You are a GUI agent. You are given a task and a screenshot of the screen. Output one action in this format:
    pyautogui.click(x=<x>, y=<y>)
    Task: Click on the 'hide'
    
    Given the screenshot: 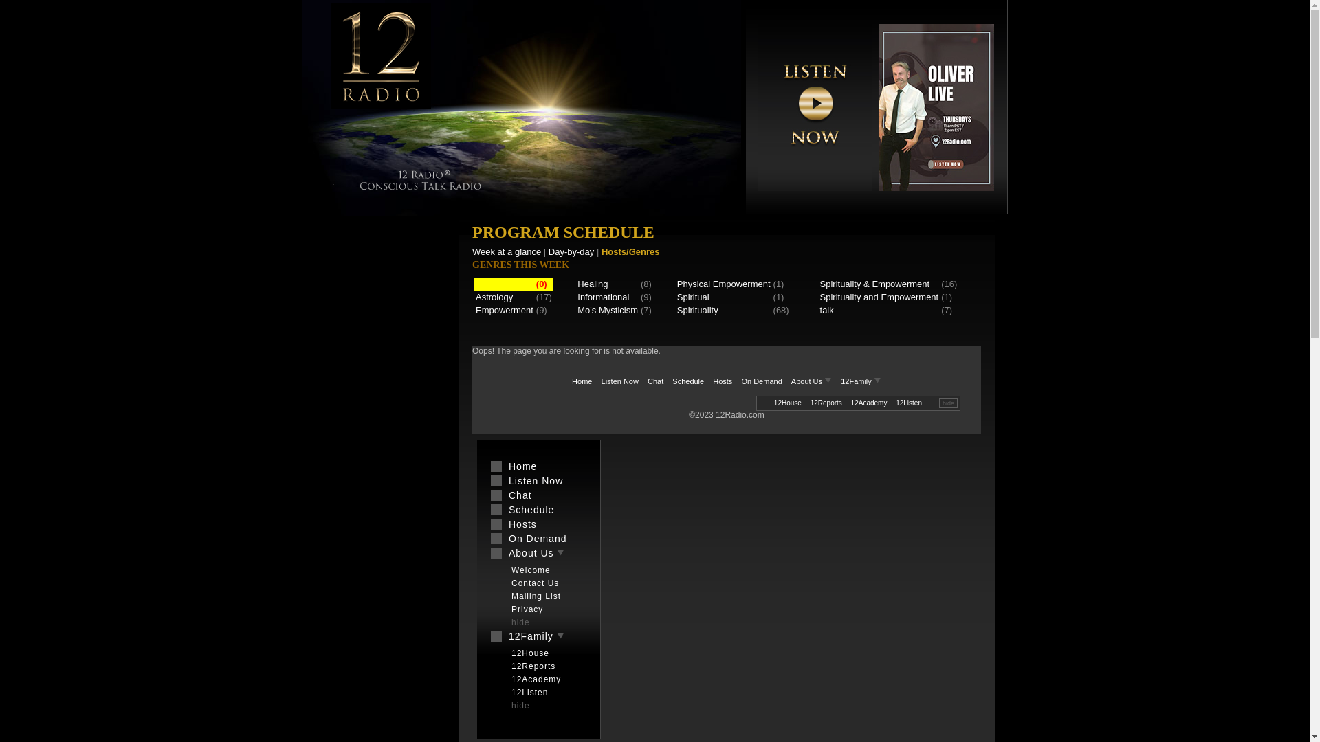 What is the action you would take?
    pyautogui.click(x=497, y=705)
    